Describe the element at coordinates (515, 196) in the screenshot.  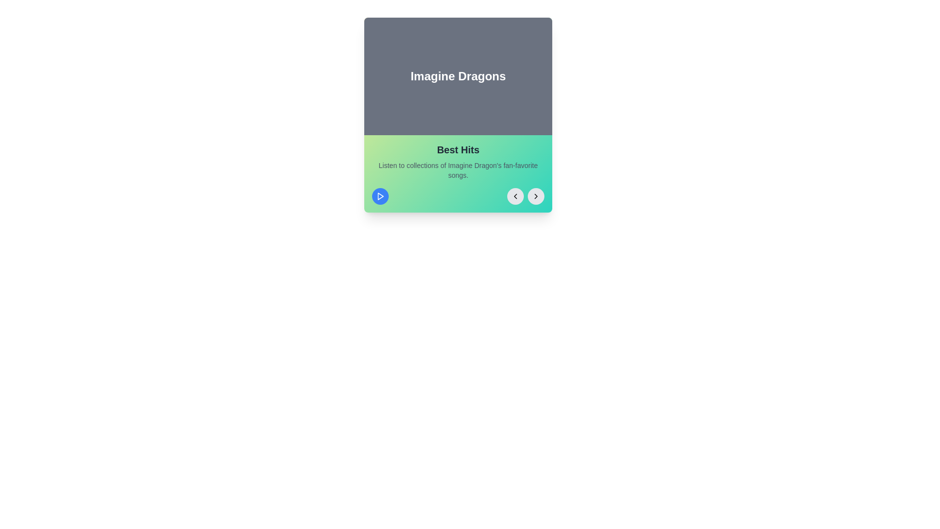
I see `the left arrow icon within the rounded button at the bottom-right of the card` at that location.